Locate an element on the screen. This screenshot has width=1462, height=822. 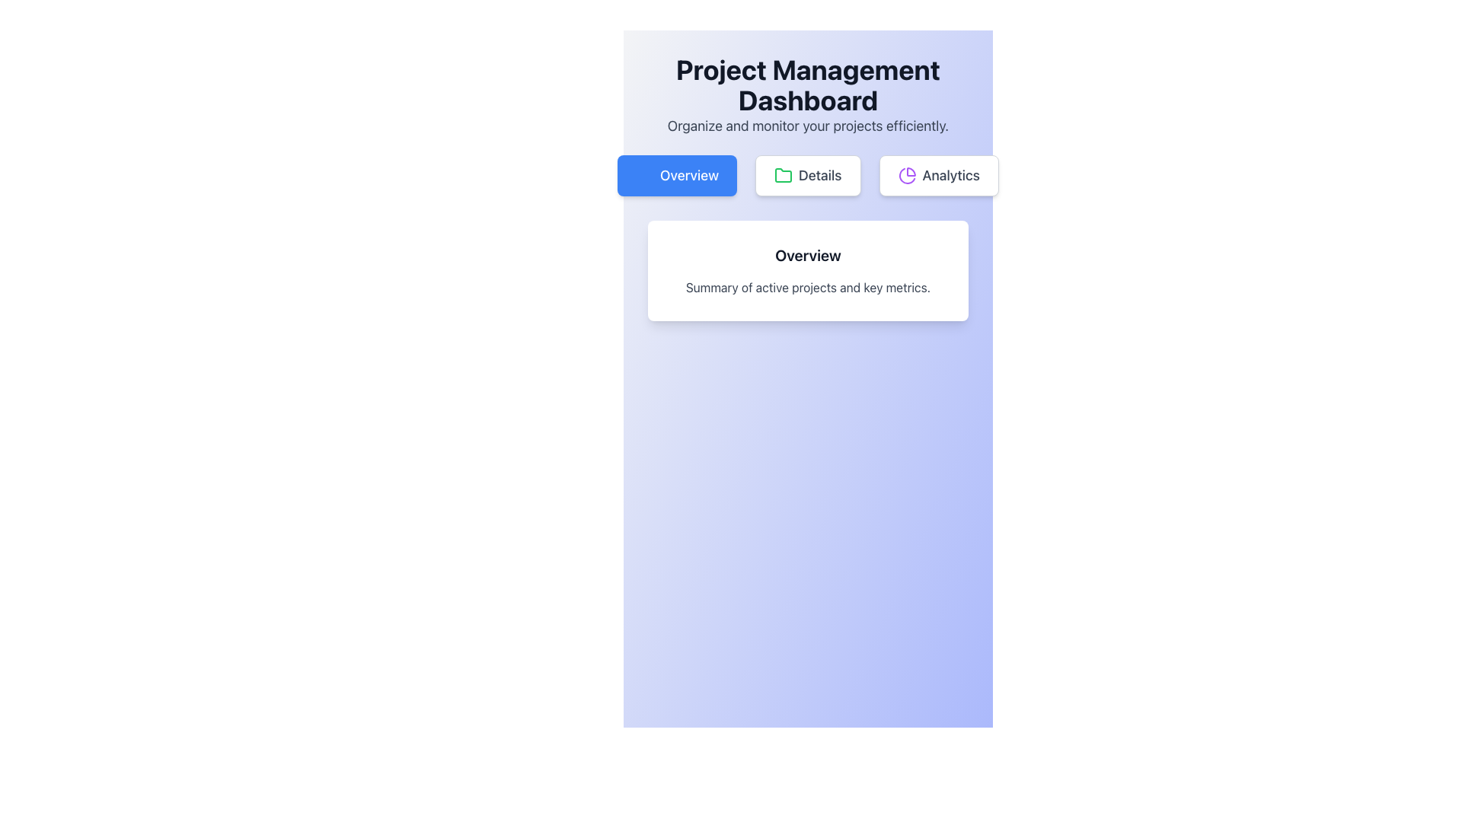
the 'Analytics' button is located at coordinates (938, 175).